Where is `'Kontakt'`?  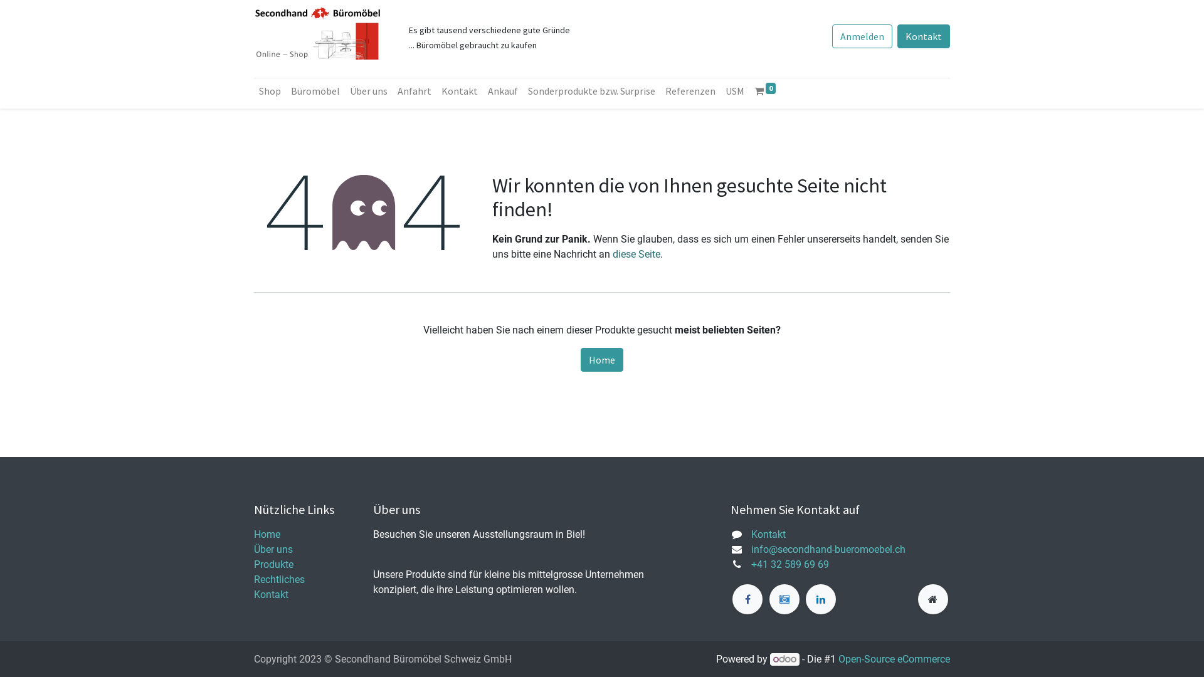 'Kontakt' is located at coordinates (459, 90).